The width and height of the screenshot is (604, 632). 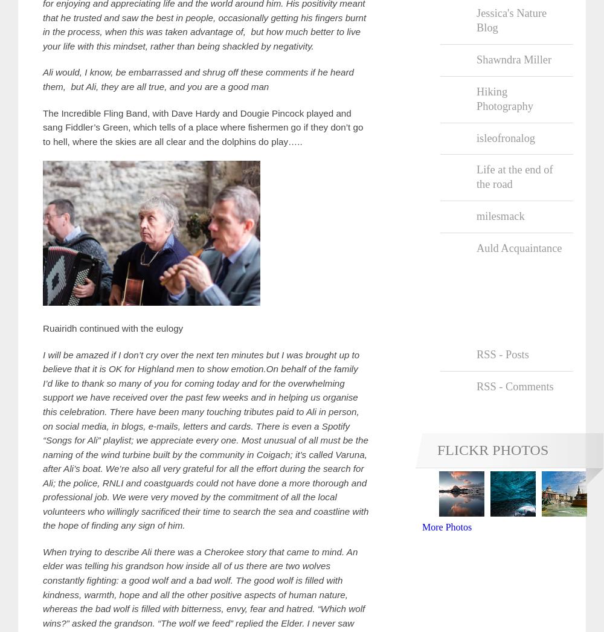 What do you see at coordinates (513, 59) in the screenshot?
I see `'Shawndra Miller'` at bounding box center [513, 59].